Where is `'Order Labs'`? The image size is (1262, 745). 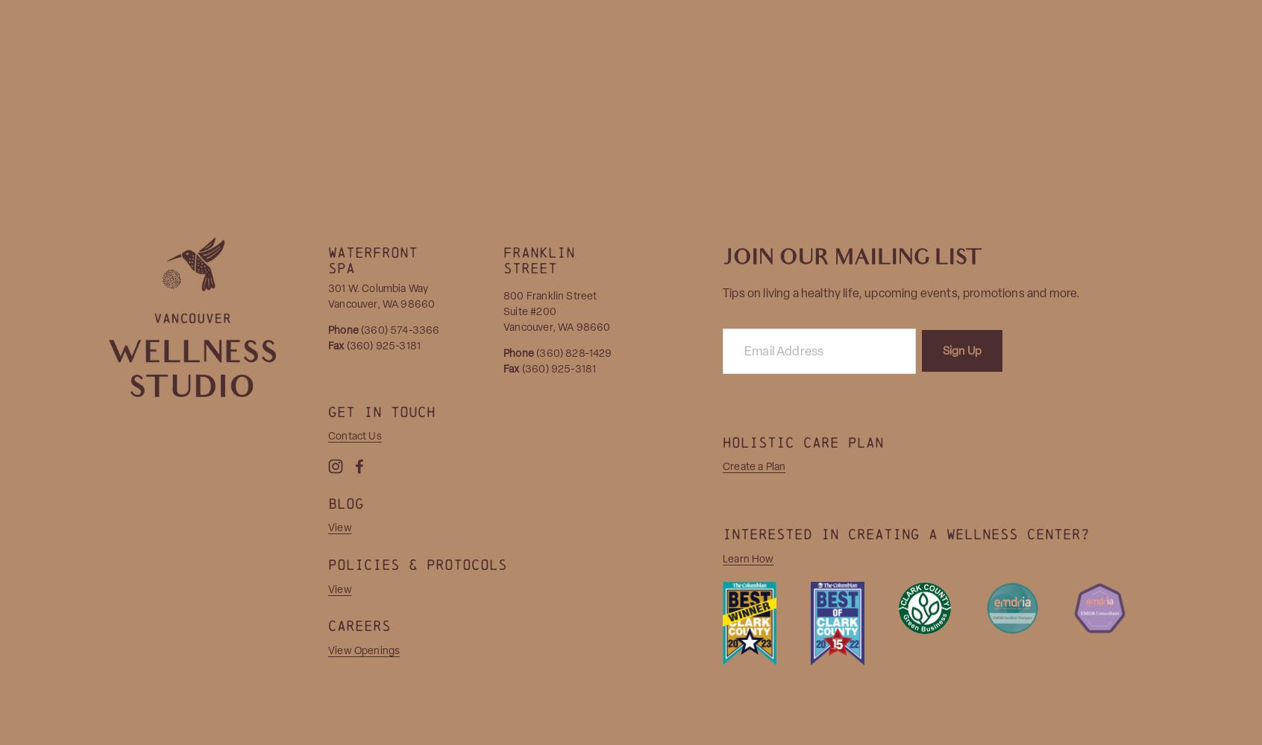 'Order Labs' is located at coordinates (329, 224).